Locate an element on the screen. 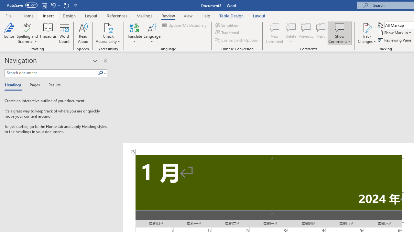 The height and width of the screenshot is (232, 414). 'Thesaurus...' is located at coordinates (48, 33).